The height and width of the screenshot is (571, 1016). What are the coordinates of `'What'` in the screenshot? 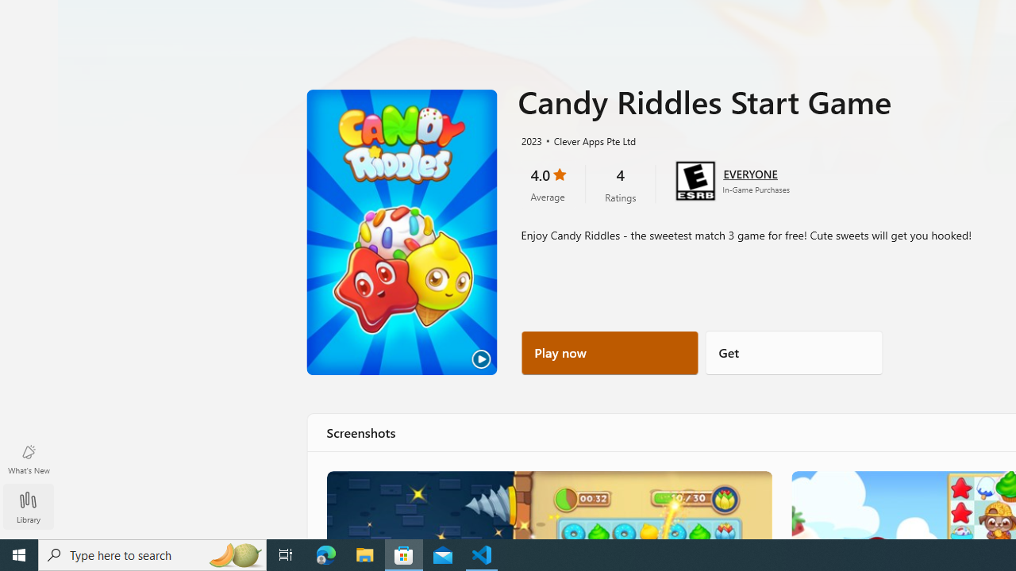 It's located at (28, 458).